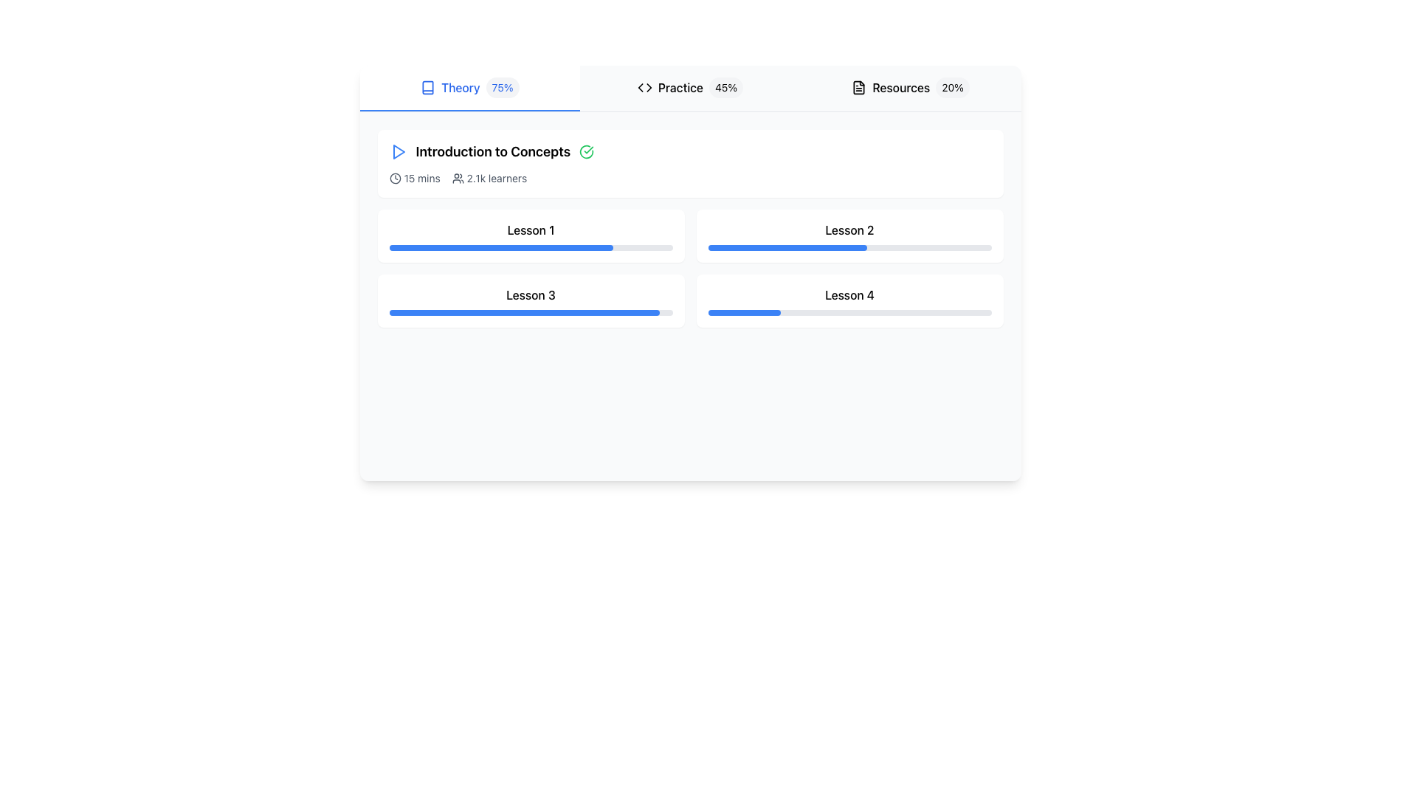 This screenshot has height=797, width=1417. What do you see at coordinates (531, 235) in the screenshot?
I see `the first card in the grid layout, which represents 'Lesson 1'` at bounding box center [531, 235].